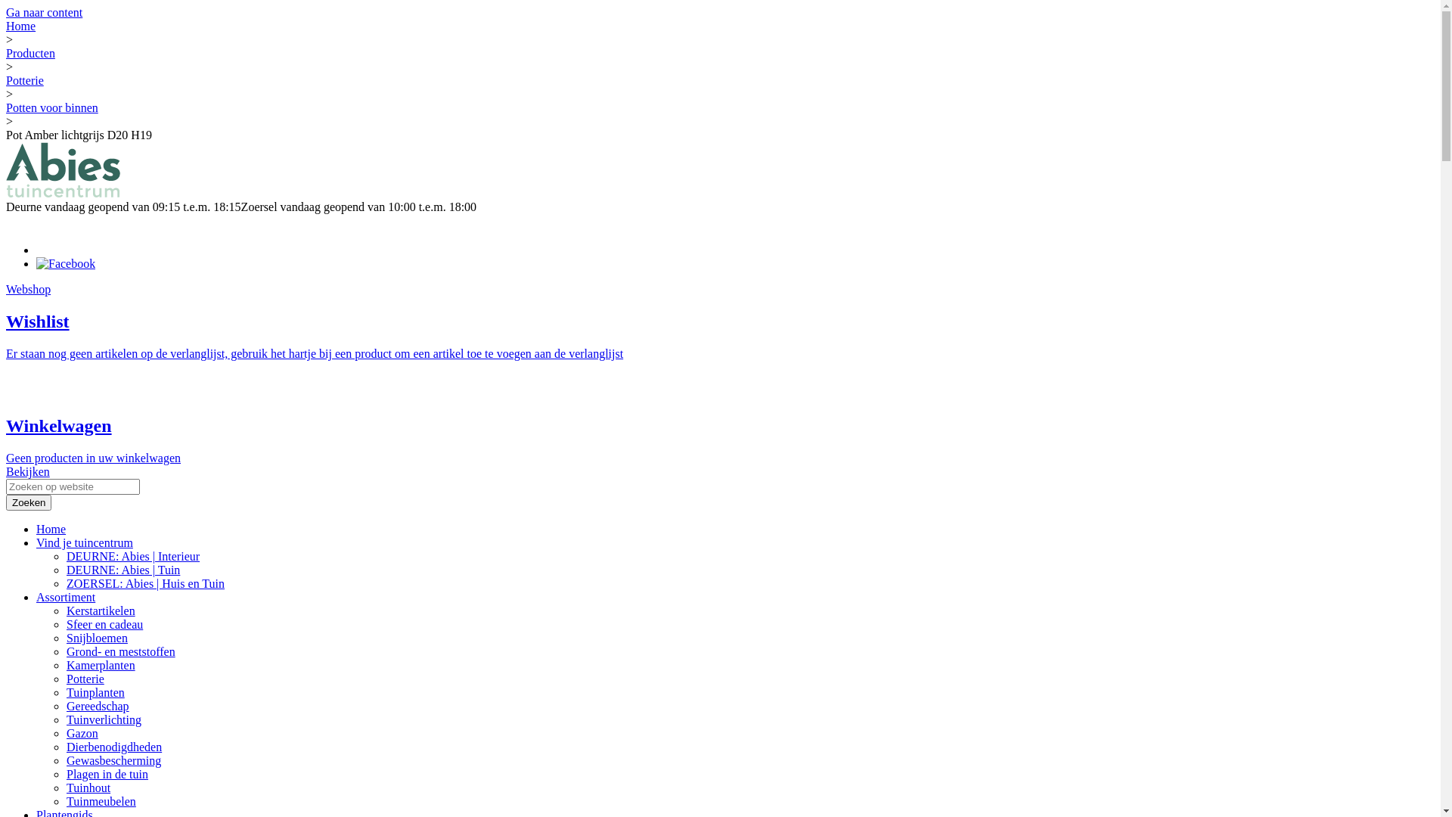  I want to click on 'Tuinmeubelen', so click(101, 800).